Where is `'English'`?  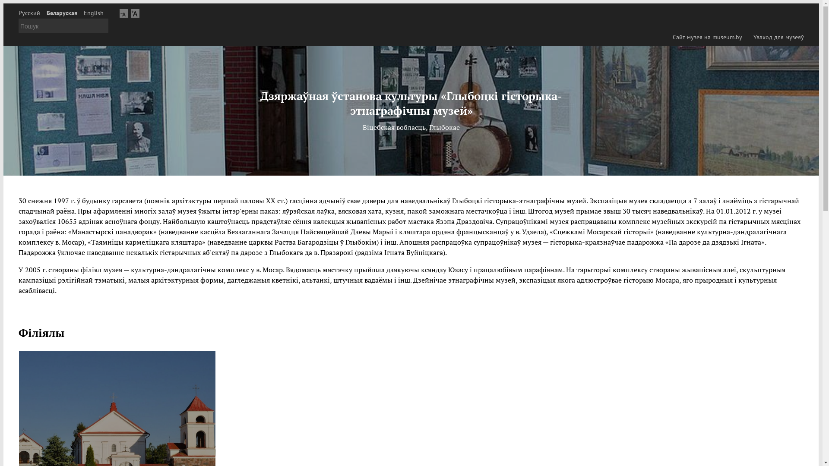 'English' is located at coordinates (93, 13).